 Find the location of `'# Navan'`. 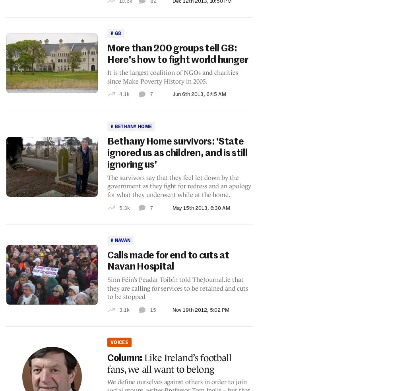

'# Navan' is located at coordinates (120, 239).